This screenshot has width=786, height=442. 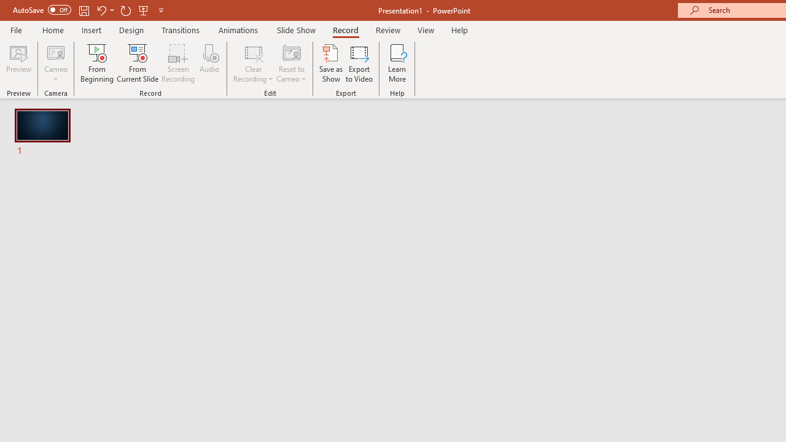 What do you see at coordinates (16, 29) in the screenshot?
I see `'File Tab'` at bounding box center [16, 29].